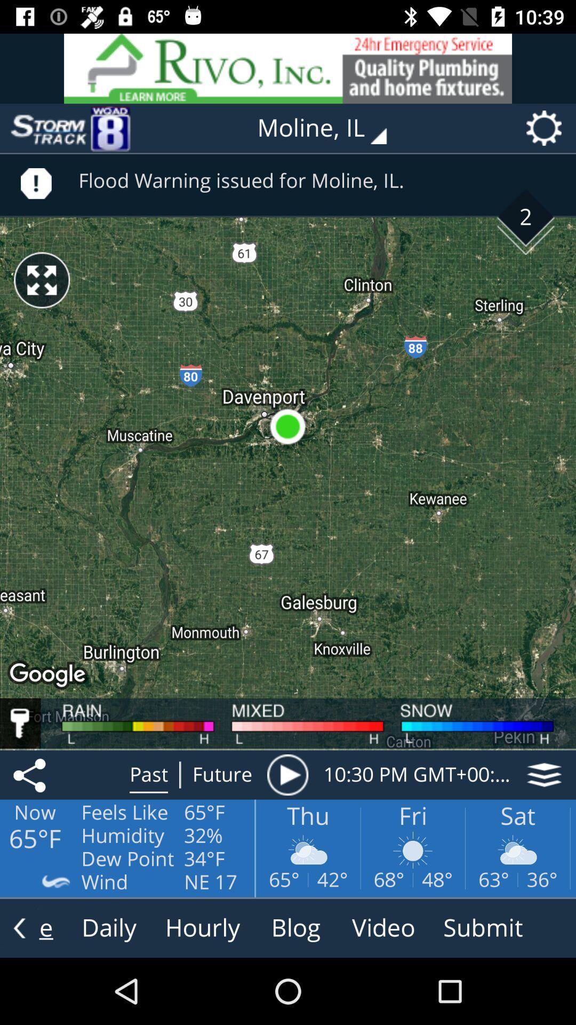 This screenshot has width=576, height=1025. What do you see at coordinates (547, 128) in the screenshot?
I see `the settings icon which is beside molineil` at bounding box center [547, 128].